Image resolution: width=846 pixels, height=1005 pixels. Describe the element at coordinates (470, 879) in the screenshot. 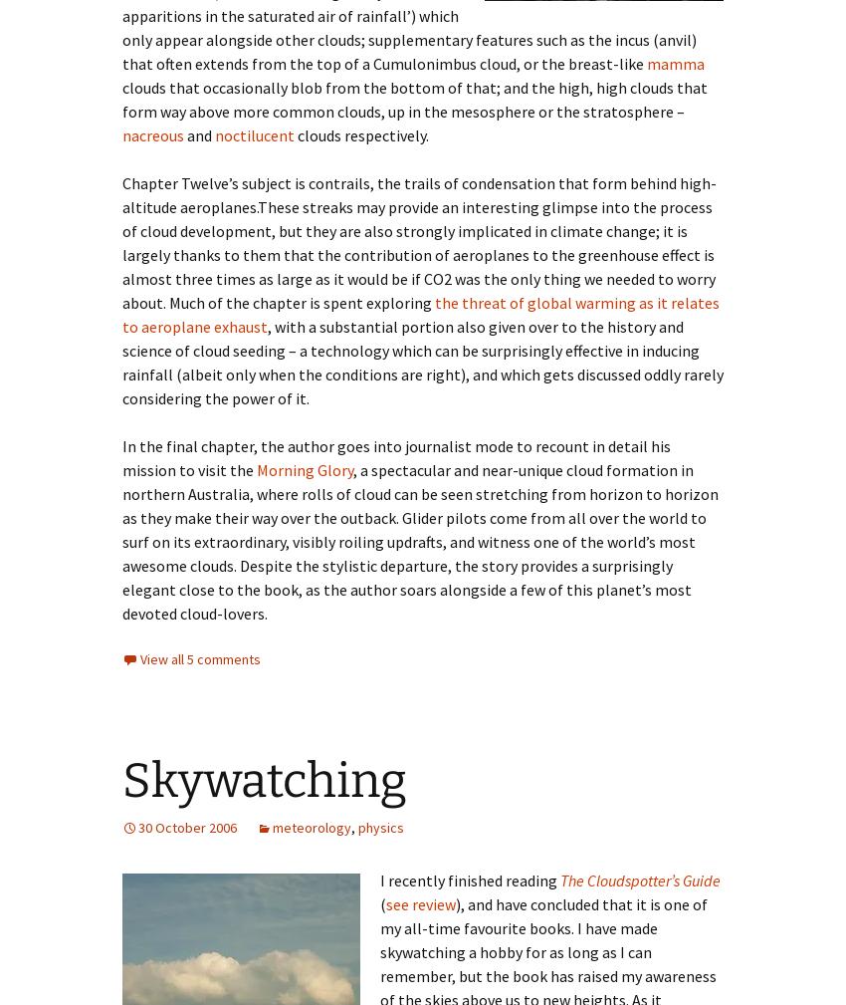

I see `'I recently finished reading'` at that location.